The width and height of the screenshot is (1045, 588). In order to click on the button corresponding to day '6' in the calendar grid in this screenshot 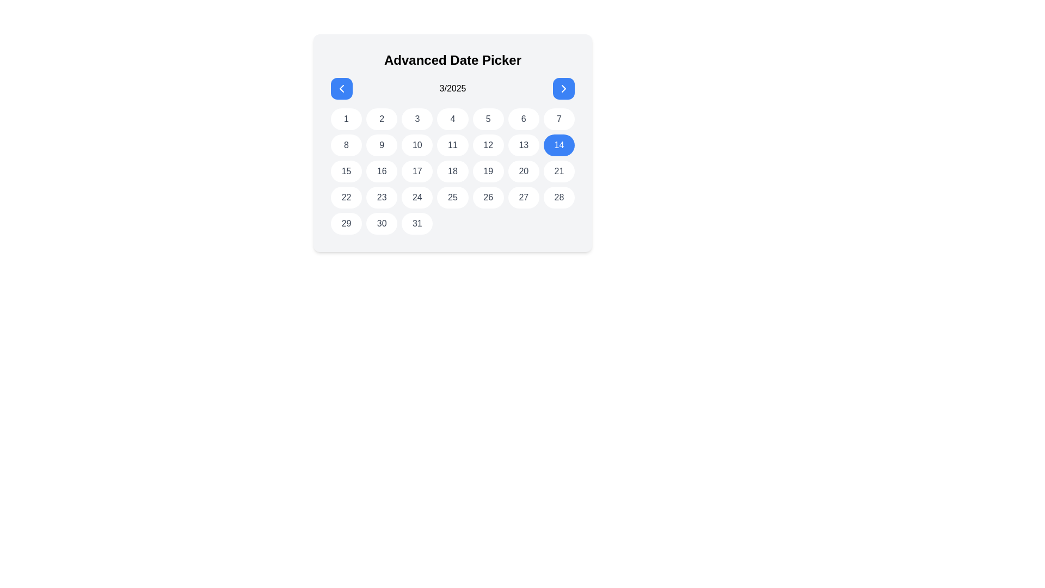, I will do `click(524, 119)`.